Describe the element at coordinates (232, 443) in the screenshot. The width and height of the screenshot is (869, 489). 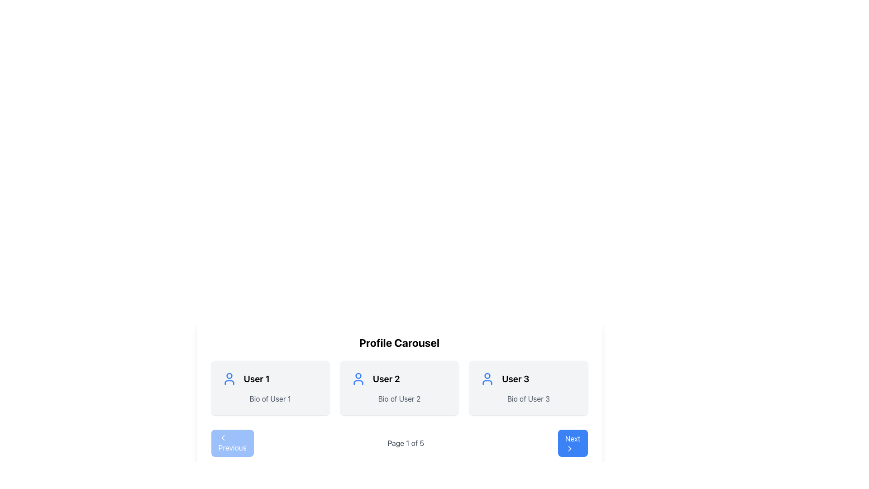
I see `the blue 'Previous' button with rounded corners that has a left arrow icon and white text, located at the bottom-left of the interface` at that location.